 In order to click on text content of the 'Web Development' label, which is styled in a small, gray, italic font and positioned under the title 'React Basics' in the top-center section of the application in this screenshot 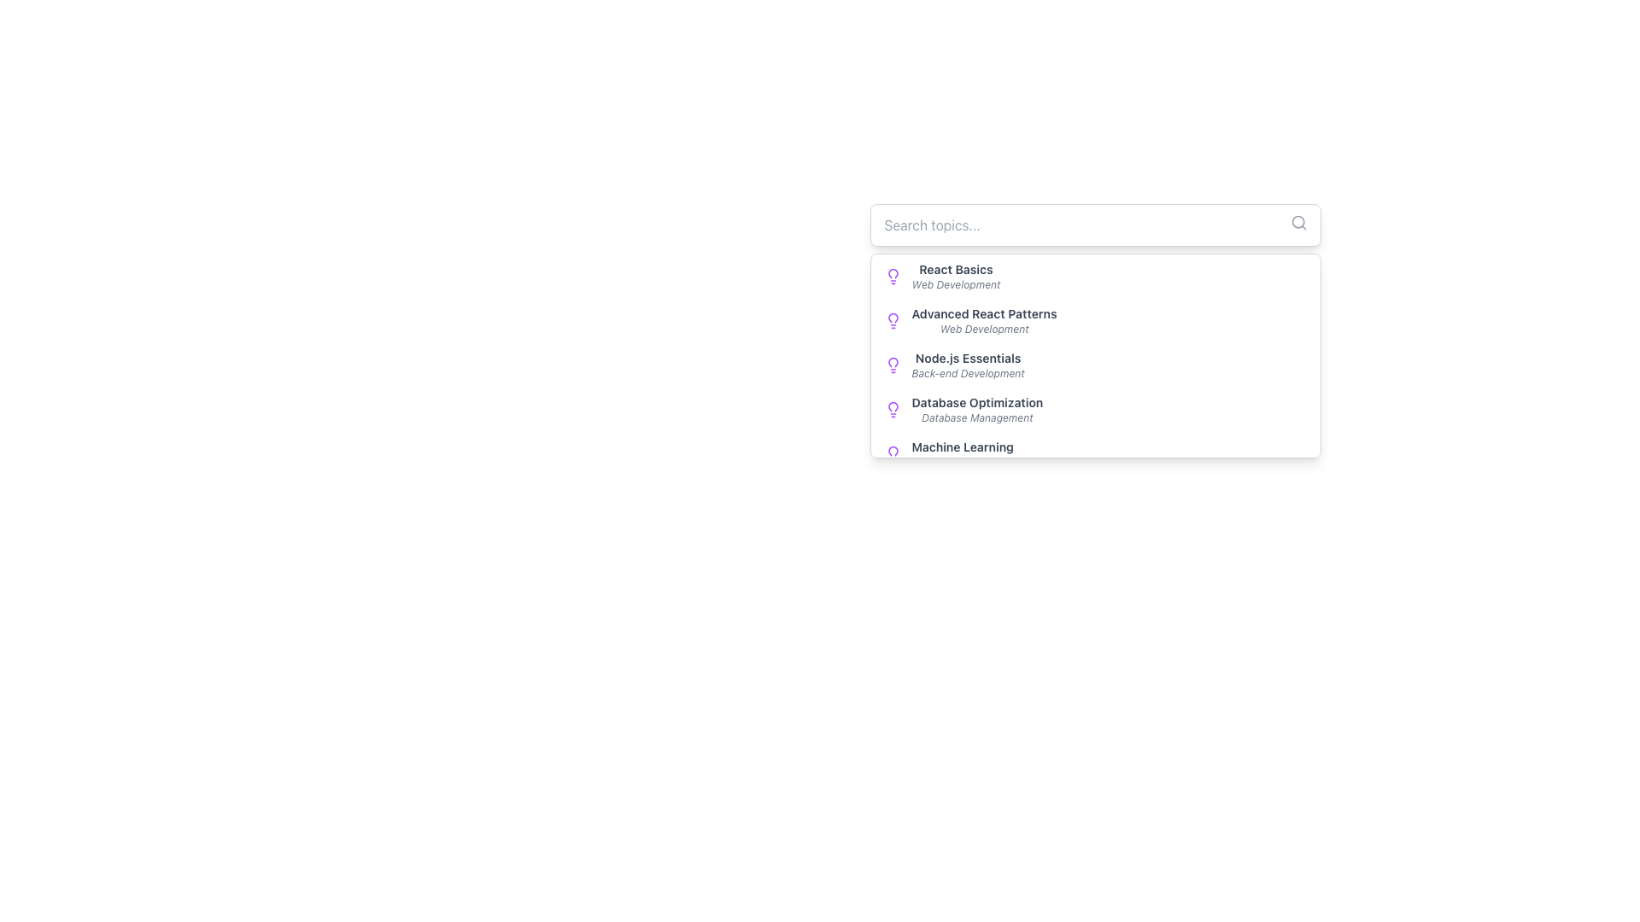, I will do `click(955, 284)`.